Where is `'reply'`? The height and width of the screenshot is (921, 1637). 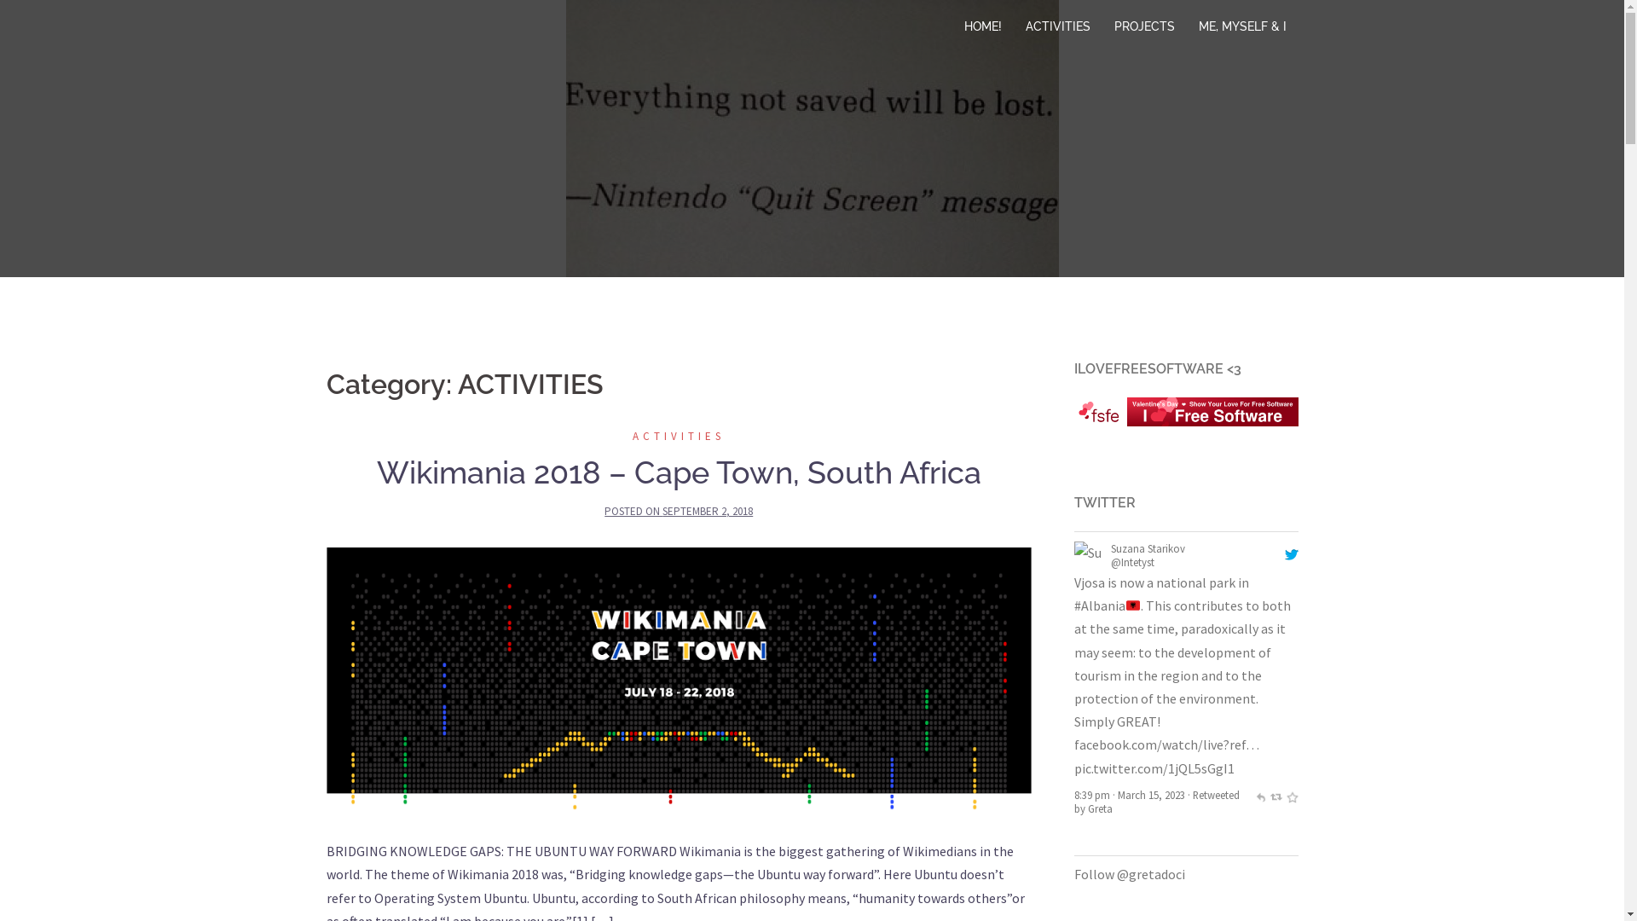
'reply' is located at coordinates (1260, 795).